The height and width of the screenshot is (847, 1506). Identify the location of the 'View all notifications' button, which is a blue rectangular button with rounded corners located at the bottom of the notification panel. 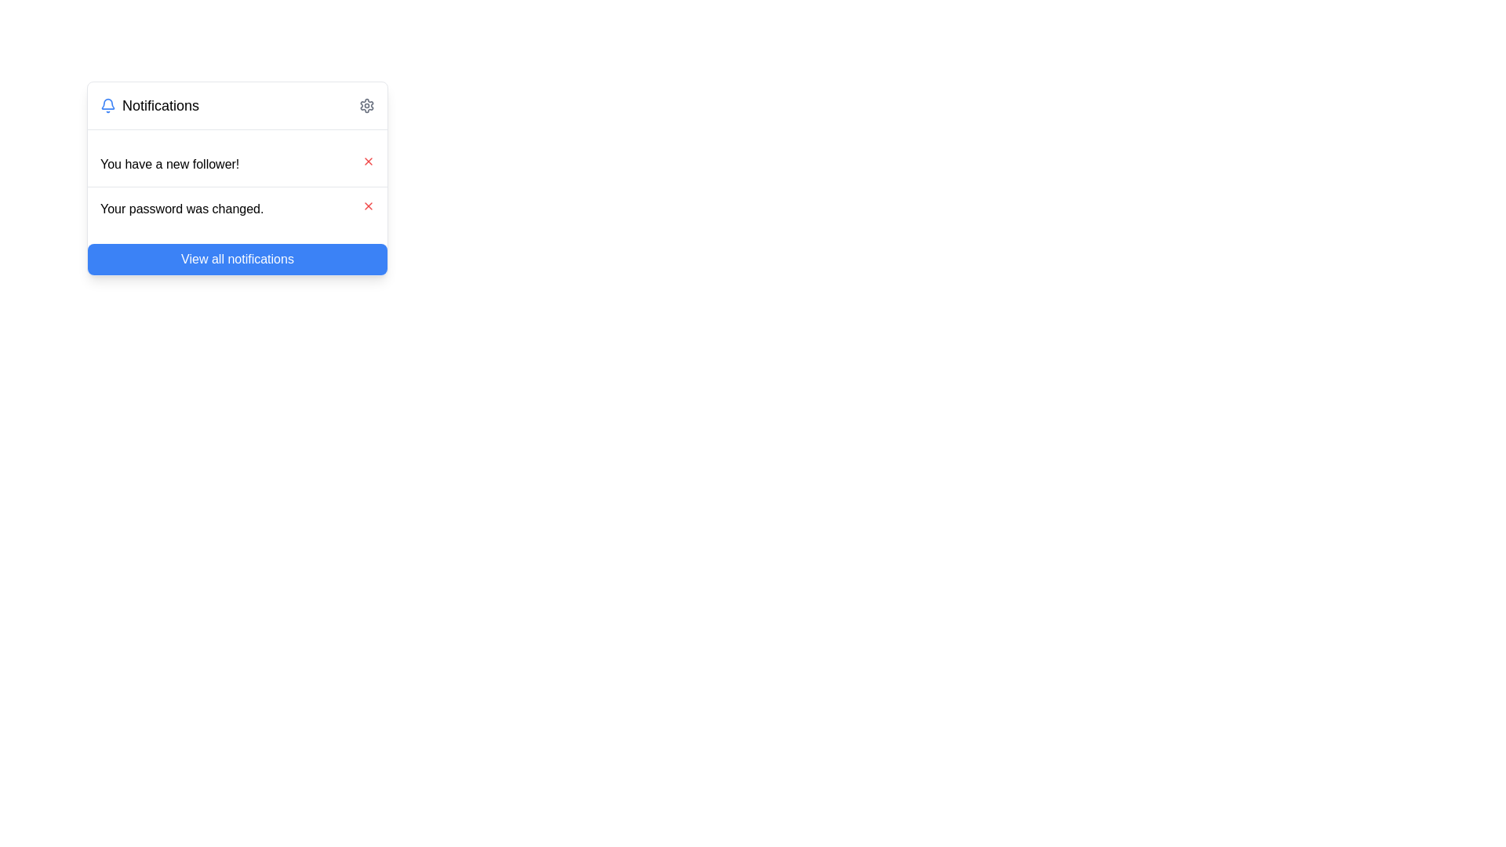
(236, 259).